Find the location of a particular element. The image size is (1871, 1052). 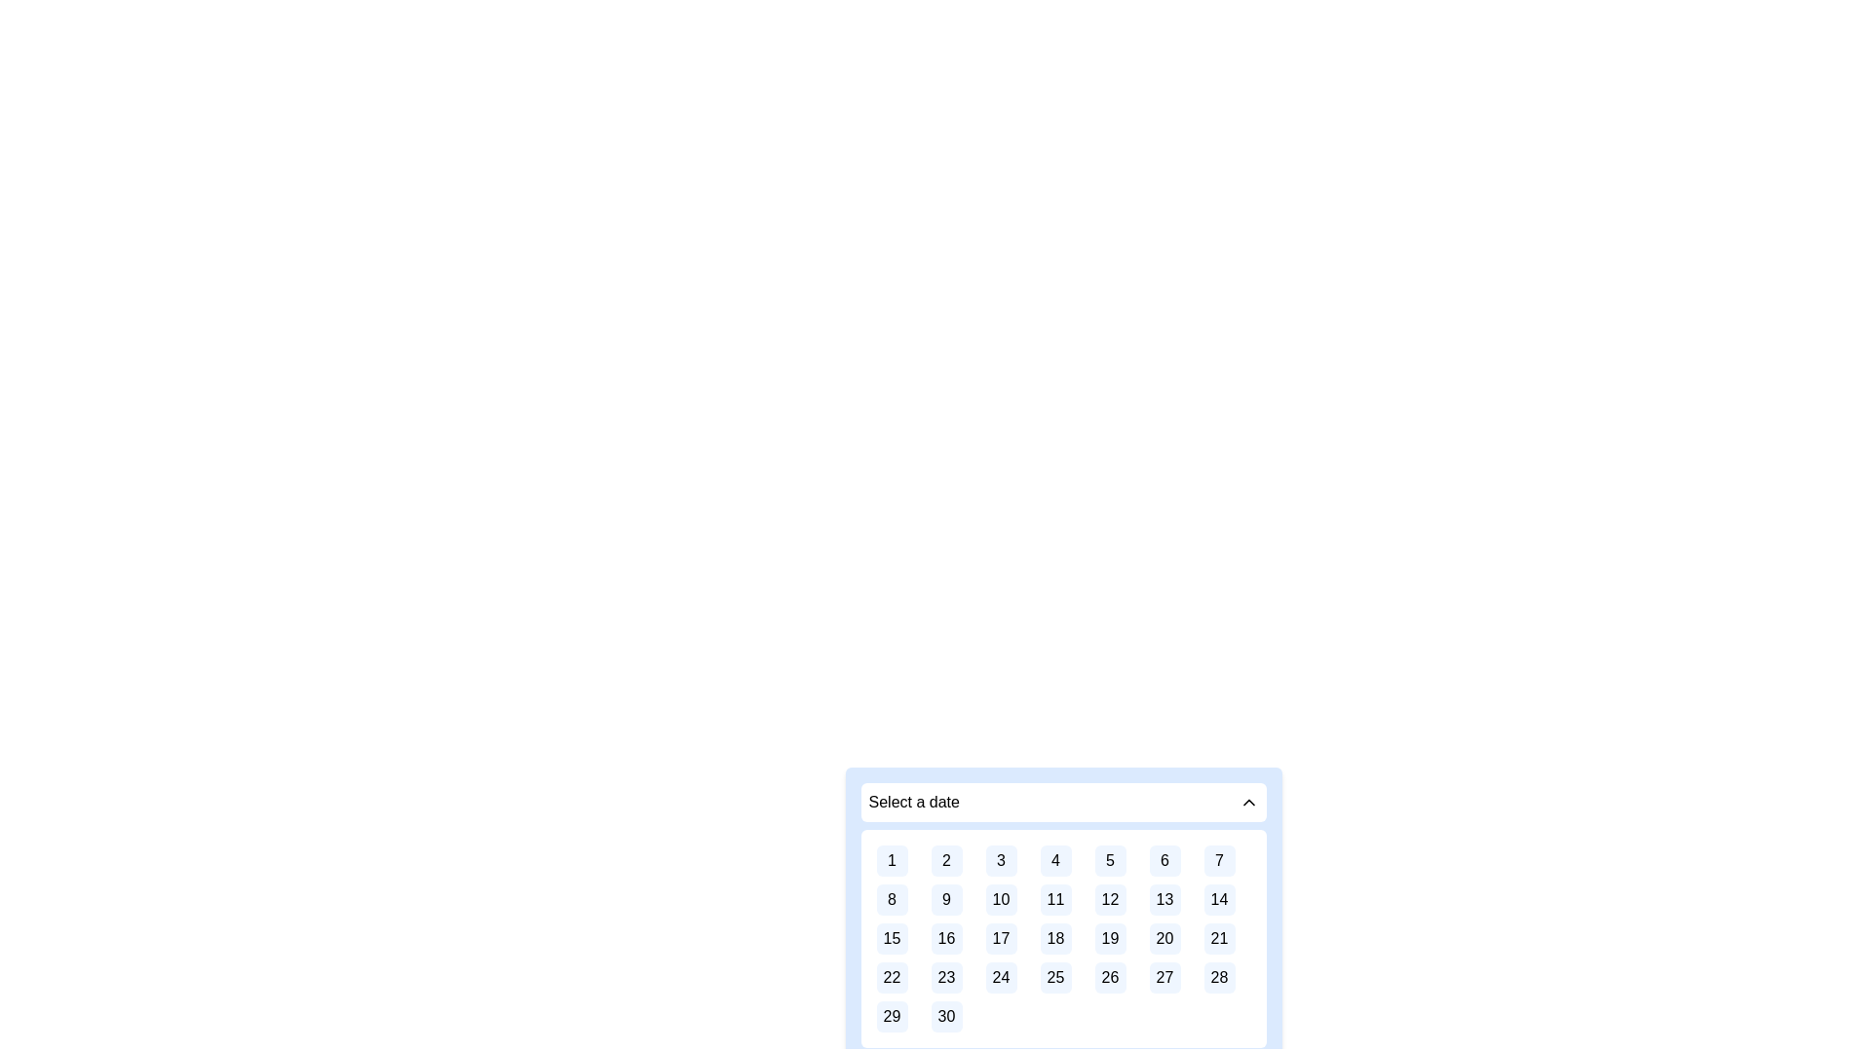

the square button with a light blue background and the number '6' centered in black, located in the first row and sixth column of the calendar grid is located at coordinates (1165, 859).